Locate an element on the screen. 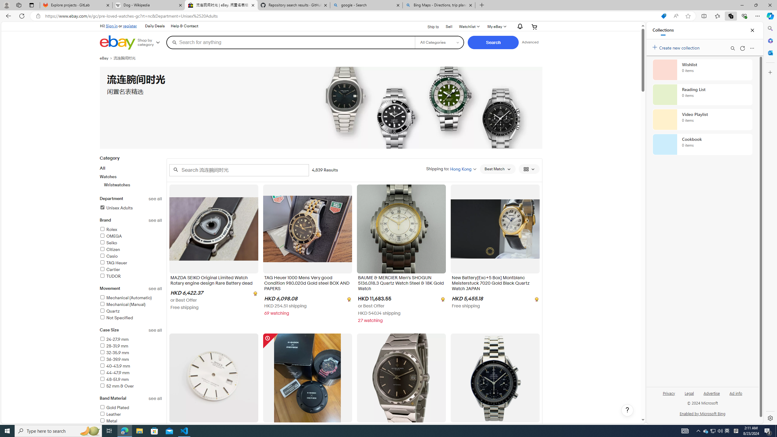  'Cookbook collection, 0 items' is located at coordinates (702, 144).